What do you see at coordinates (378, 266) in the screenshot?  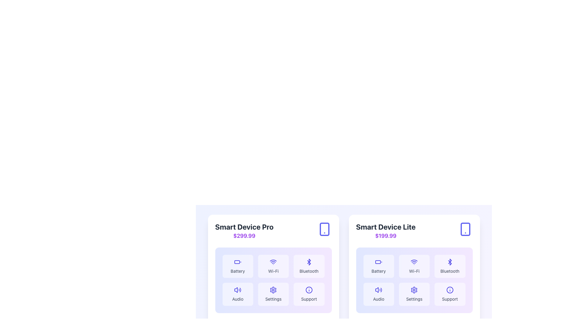 I see `the 'Battery' card located in the first row and first column of the 'Smart Device Lite' section` at bounding box center [378, 266].